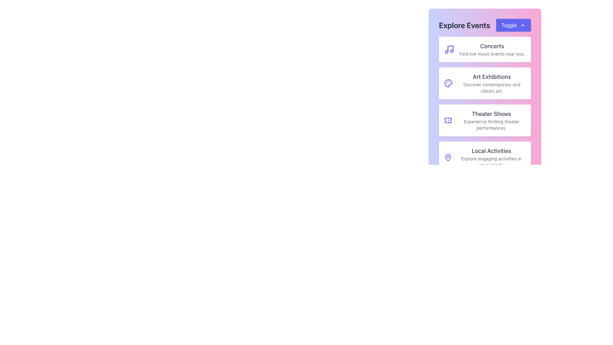  I want to click on the purple music note icon, which is positioned to the left of the 'Concerts' heading and aligned vertically with it, so click(449, 49).